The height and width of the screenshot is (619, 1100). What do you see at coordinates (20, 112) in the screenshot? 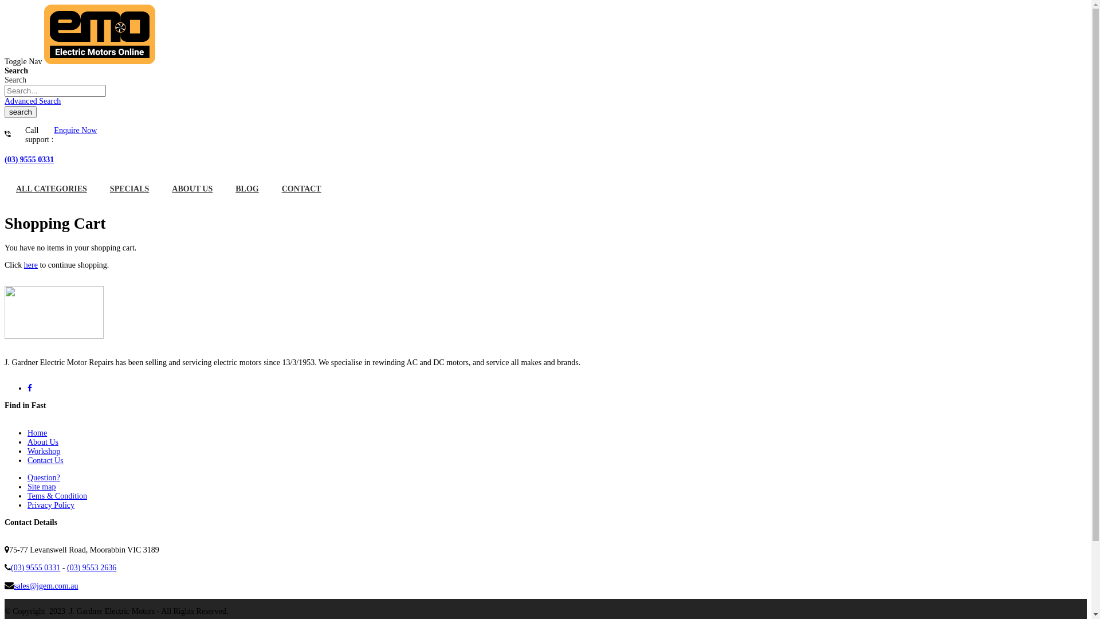
I see `'search'` at bounding box center [20, 112].